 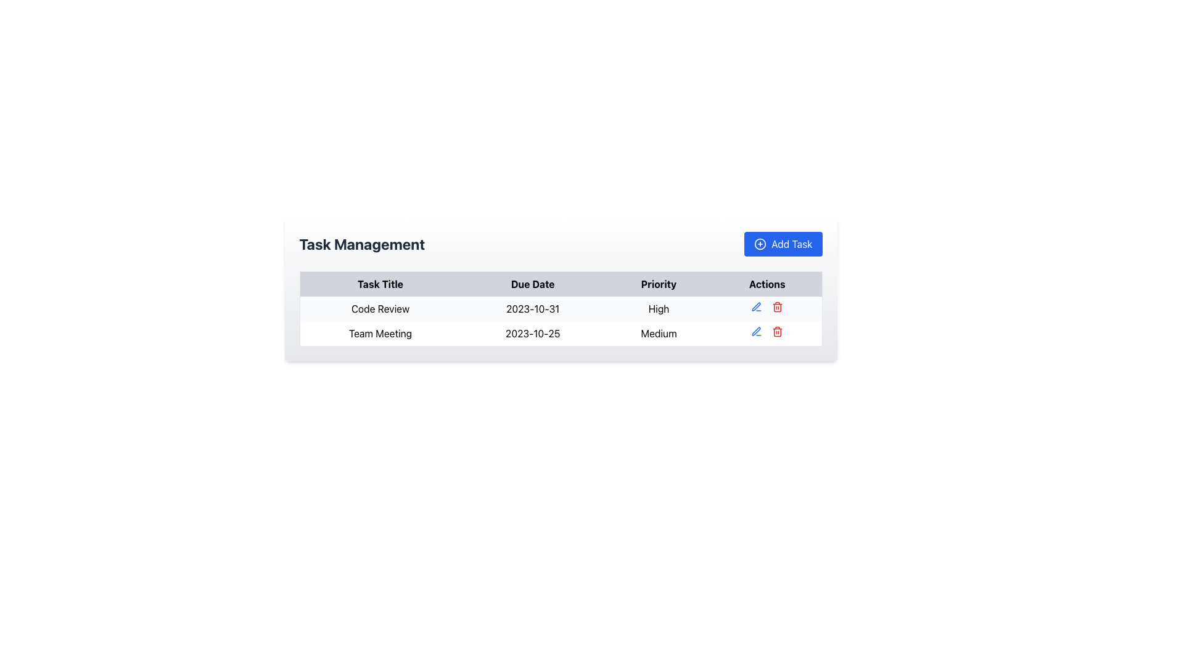 What do you see at coordinates (658, 284) in the screenshot?
I see `the 'Priority' text label, which is the third header in a row of a table, styled with centered alignment and a light gray background` at bounding box center [658, 284].